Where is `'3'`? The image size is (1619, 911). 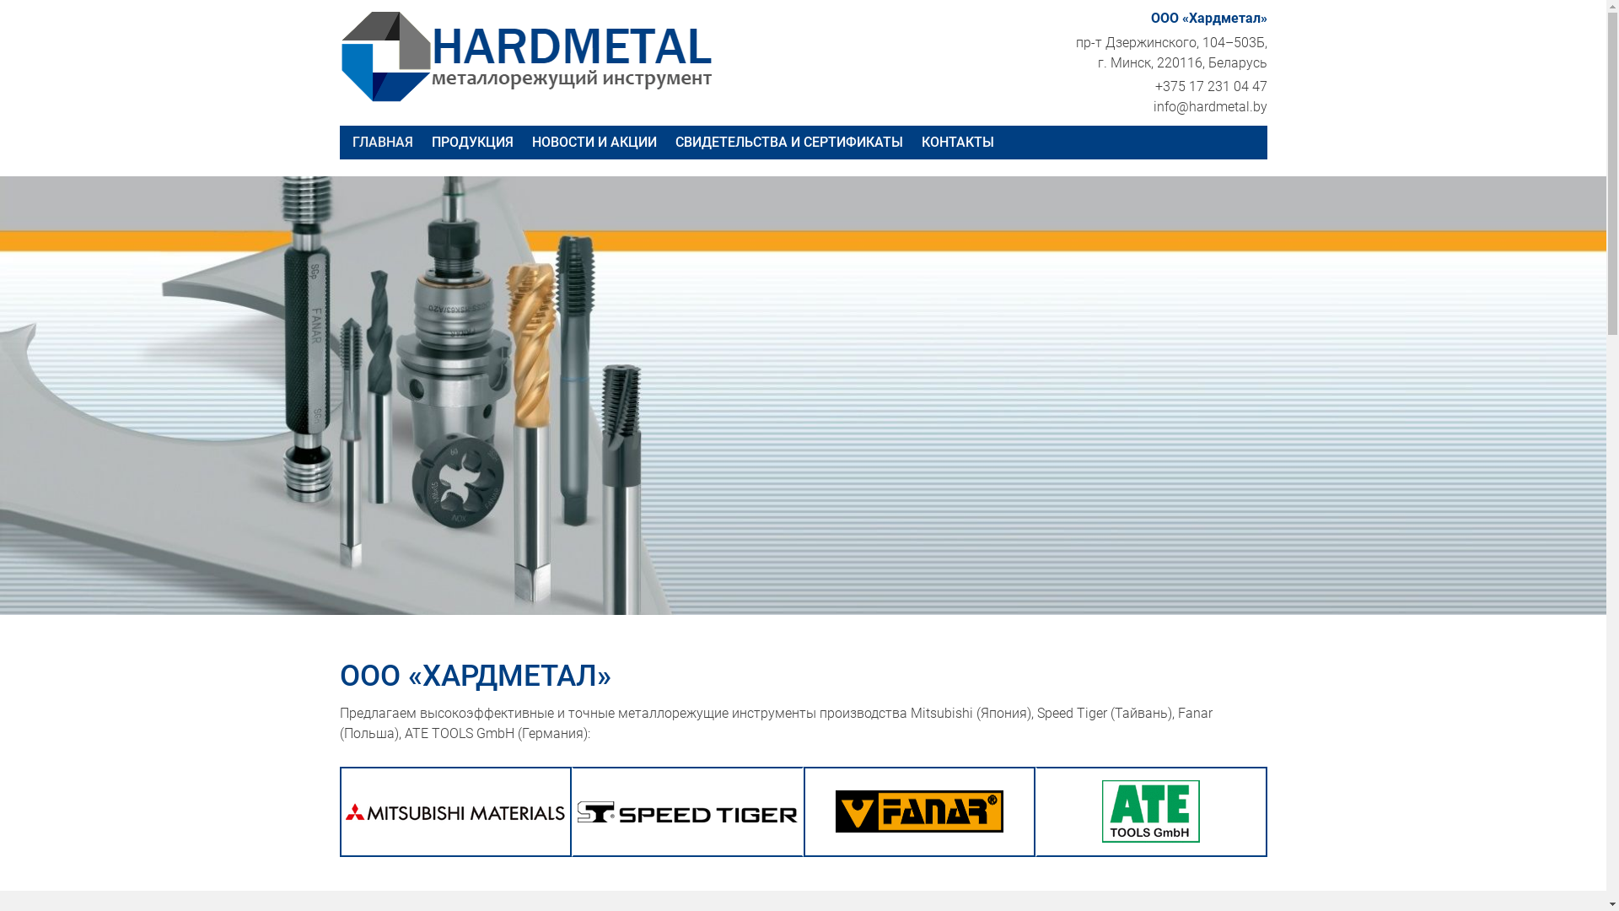
'3' is located at coordinates (810, 579).